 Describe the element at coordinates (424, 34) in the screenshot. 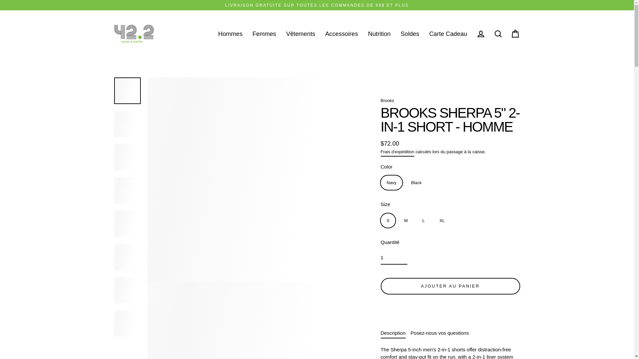

I see `'Carte Cadeau'` at that location.